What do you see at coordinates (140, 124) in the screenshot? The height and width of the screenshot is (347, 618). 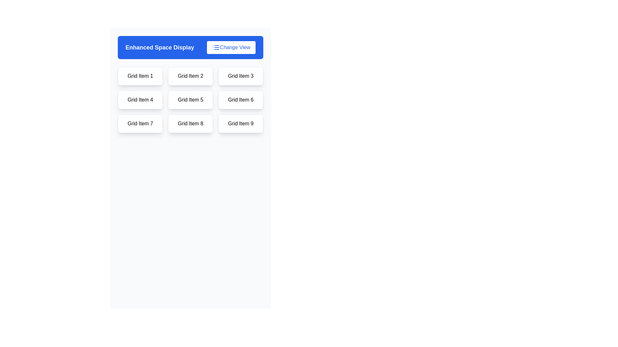 I see `the static display card located in the third row, first column of the grid layout, which visually represents a specific item` at bounding box center [140, 124].